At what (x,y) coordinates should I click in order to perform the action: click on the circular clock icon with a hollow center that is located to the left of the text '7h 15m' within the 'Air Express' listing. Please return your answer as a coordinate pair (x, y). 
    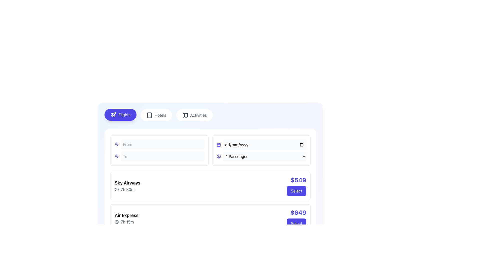
    Looking at the image, I should click on (116, 221).